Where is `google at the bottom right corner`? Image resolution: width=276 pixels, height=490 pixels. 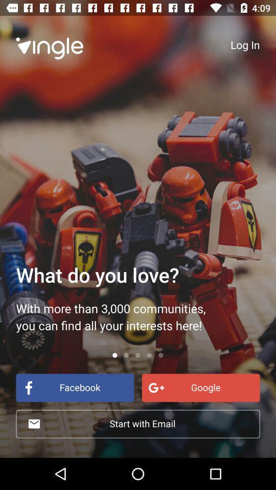
google at the bottom right corner is located at coordinates (201, 387).